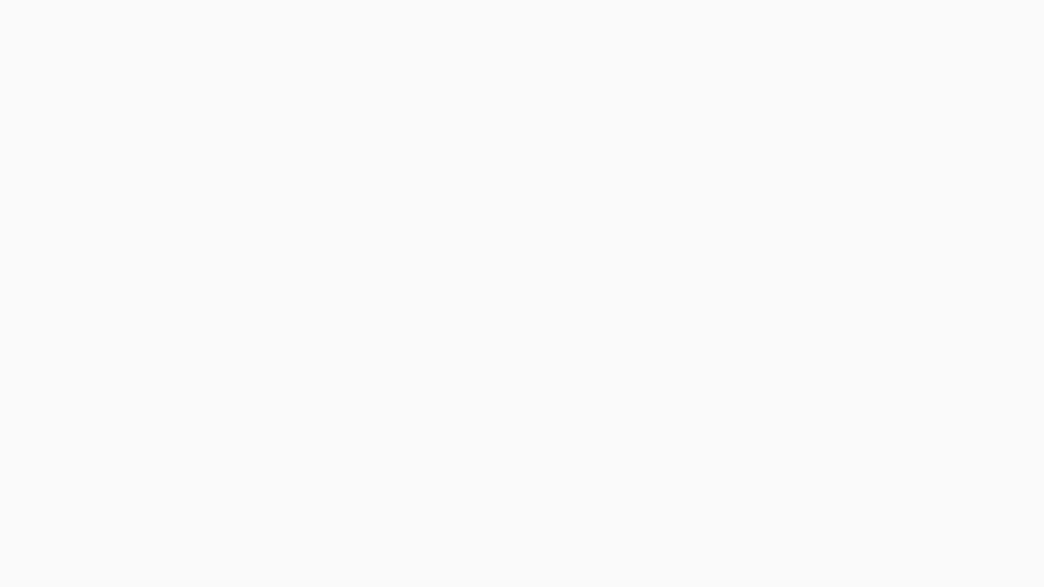 The image size is (1044, 587). Describe the element at coordinates (453, 88) in the screenshot. I see `Copy link` at that location.